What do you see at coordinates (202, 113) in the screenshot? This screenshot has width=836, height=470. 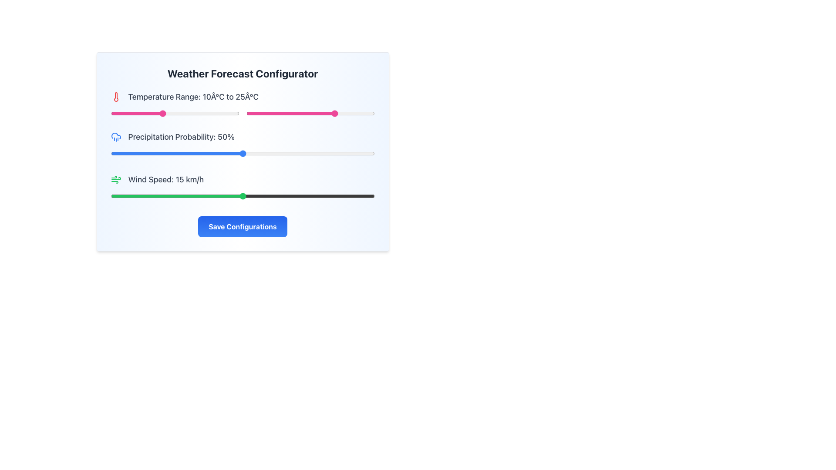 I see `the slider value` at bounding box center [202, 113].